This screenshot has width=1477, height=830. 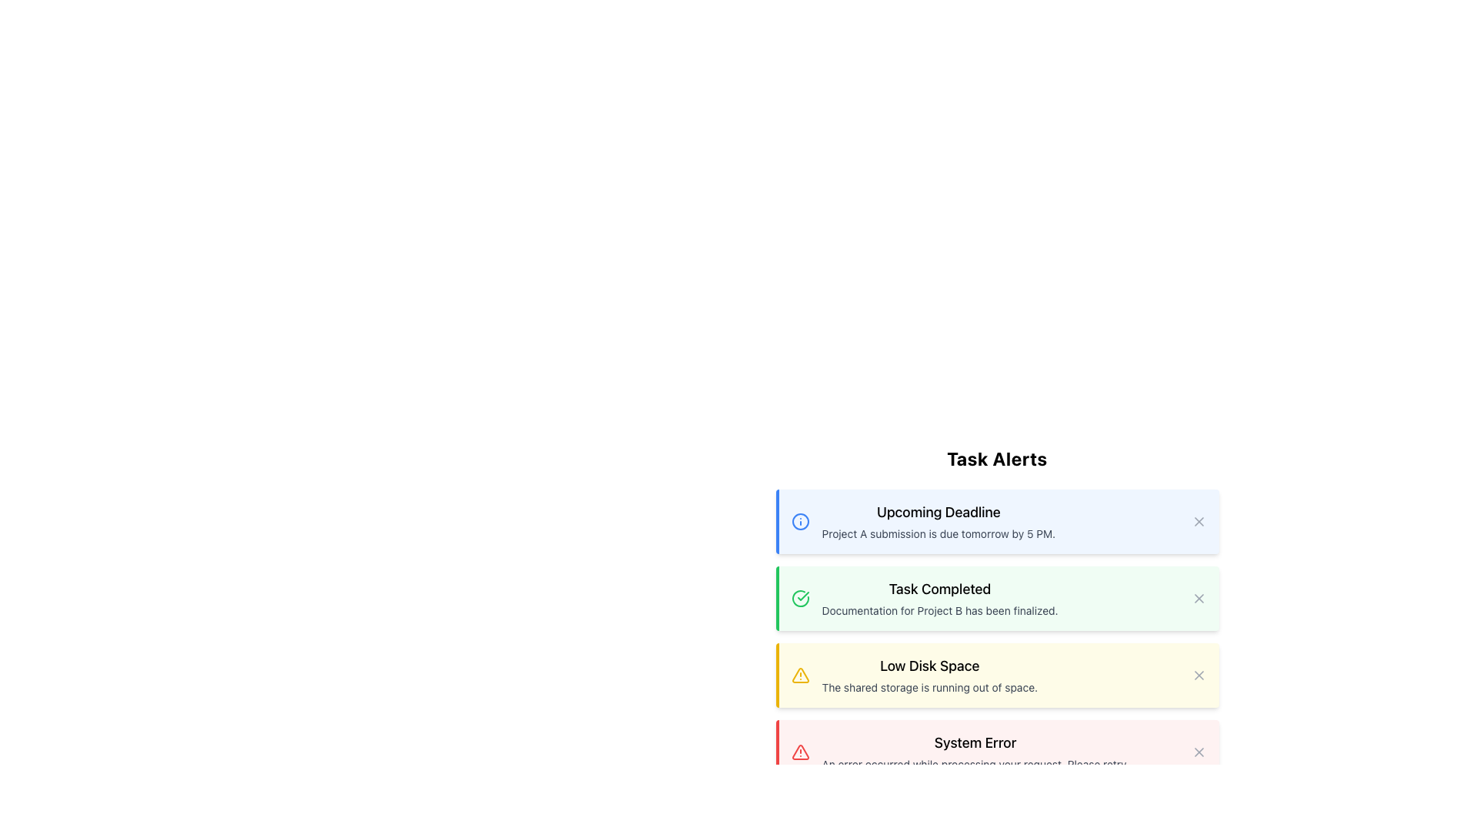 What do you see at coordinates (800, 752) in the screenshot?
I see `the critical warning icon located on the leftmost side of the 'System Error' alert box, which serves as a static indicator` at bounding box center [800, 752].